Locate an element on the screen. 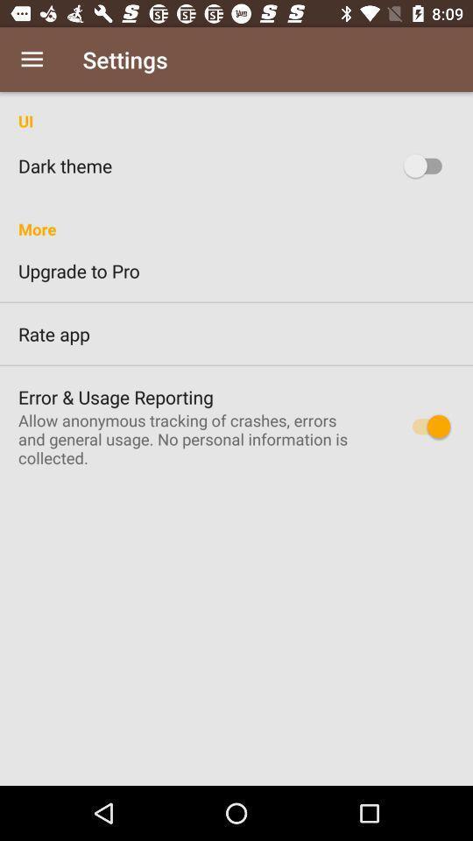 The height and width of the screenshot is (841, 473). dark theme is located at coordinates (426, 166).